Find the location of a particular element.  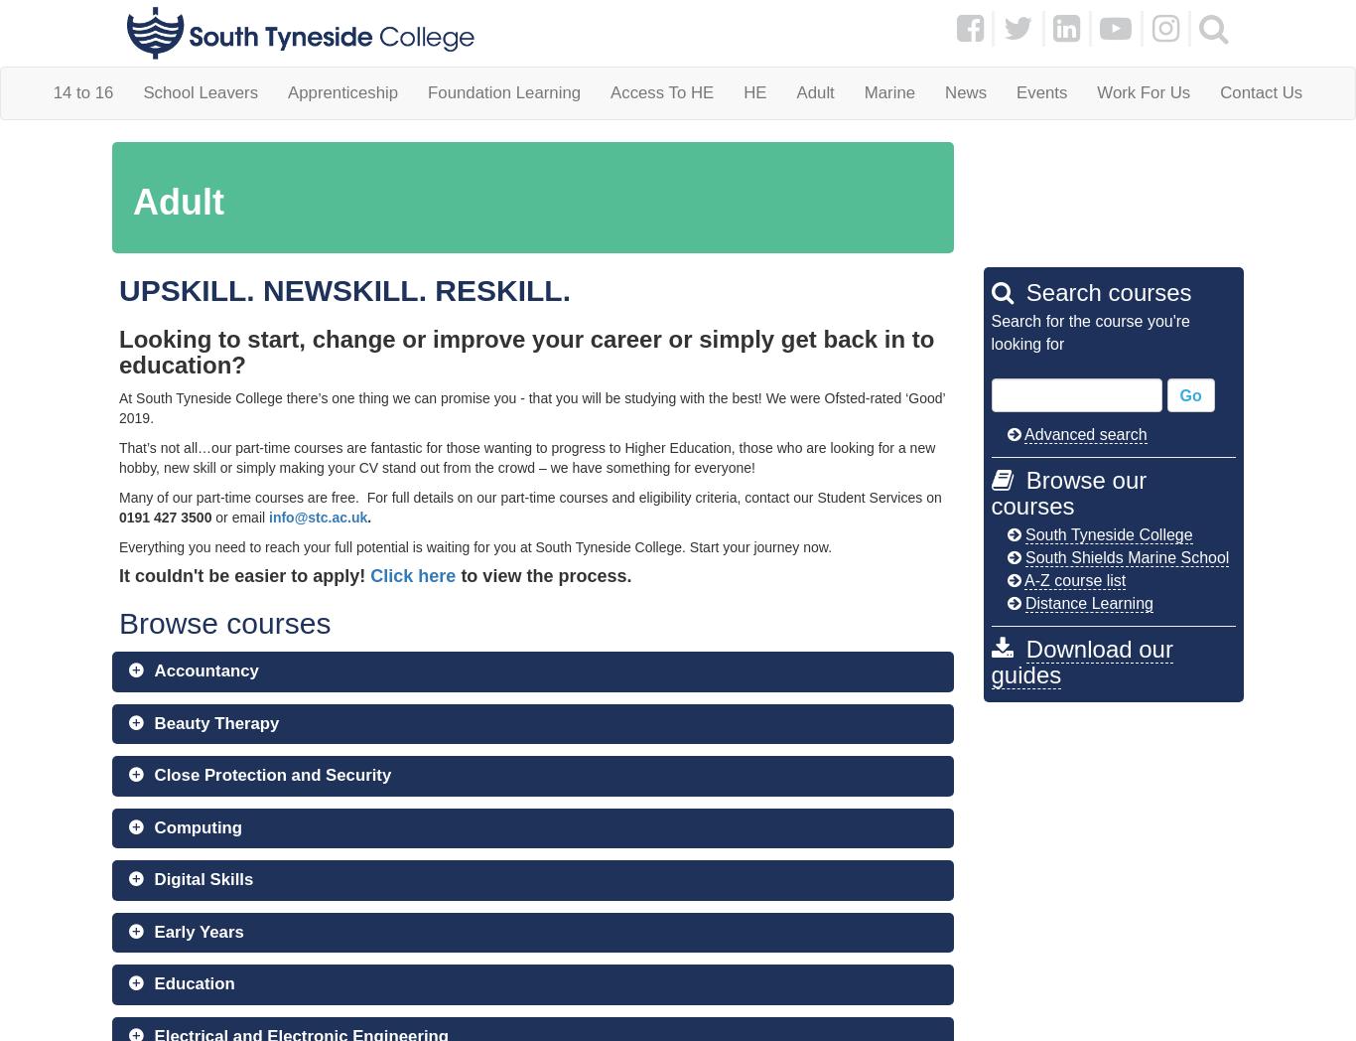

'Contact Us' is located at coordinates (1260, 91).